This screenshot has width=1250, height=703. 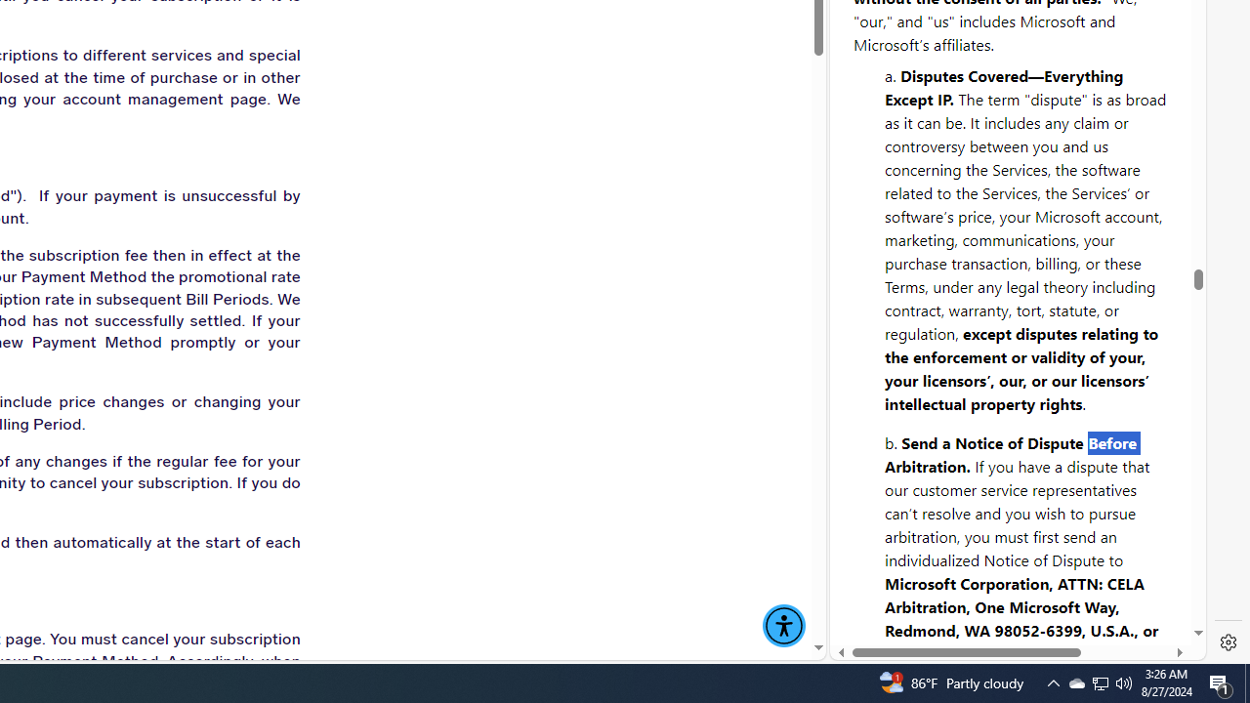 I want to click on 'Accessibility Menu', so click(x=784, y=626).